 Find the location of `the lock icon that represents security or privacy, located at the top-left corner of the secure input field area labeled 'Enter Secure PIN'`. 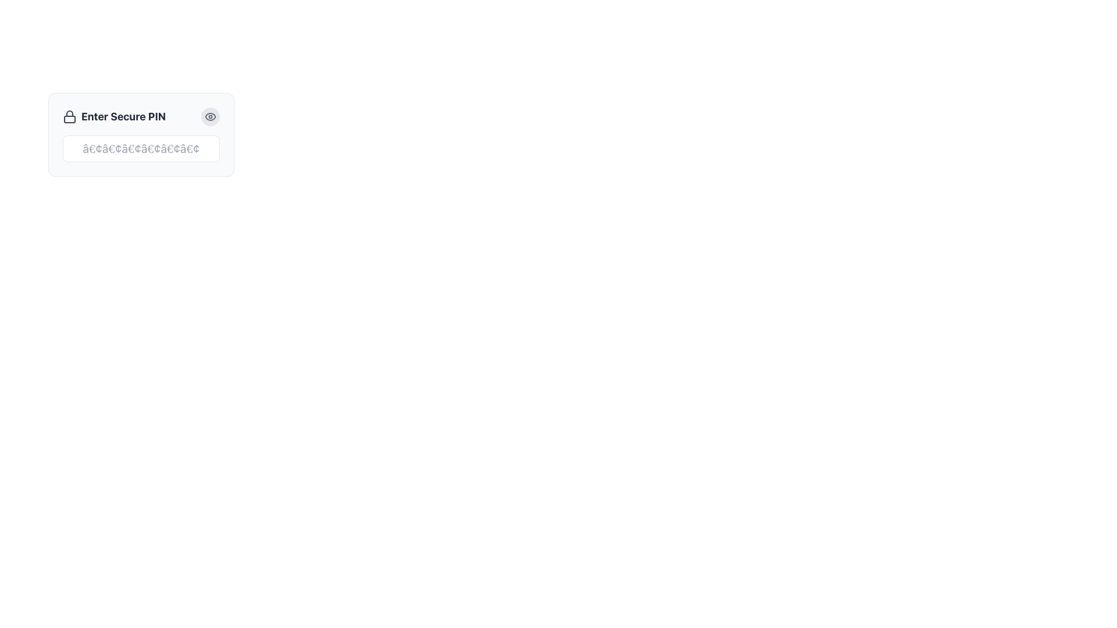

the lock icon that represents security or privacy, located at the top-left corner of the secure input field area labeled 'Enter Secure PIN' is located at coordinates (69, 116).